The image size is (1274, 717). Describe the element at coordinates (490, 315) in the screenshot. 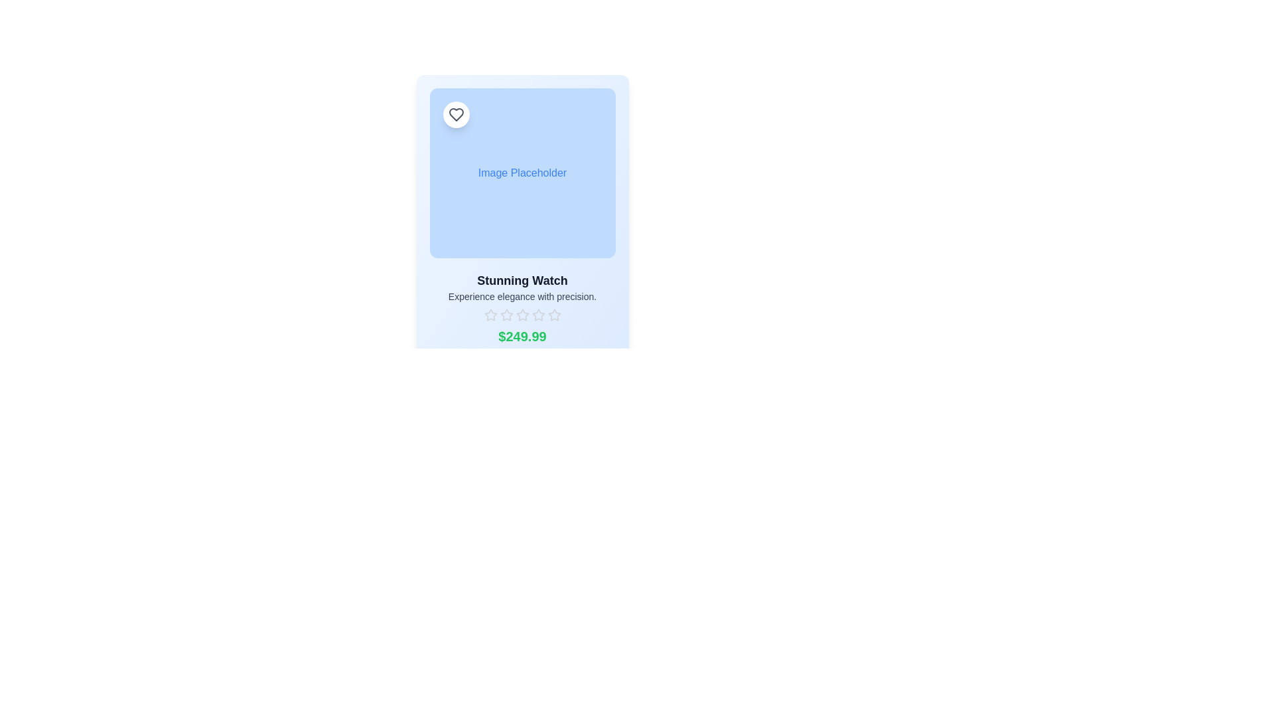

I see `the first star rating icon below the item's title` at that location.